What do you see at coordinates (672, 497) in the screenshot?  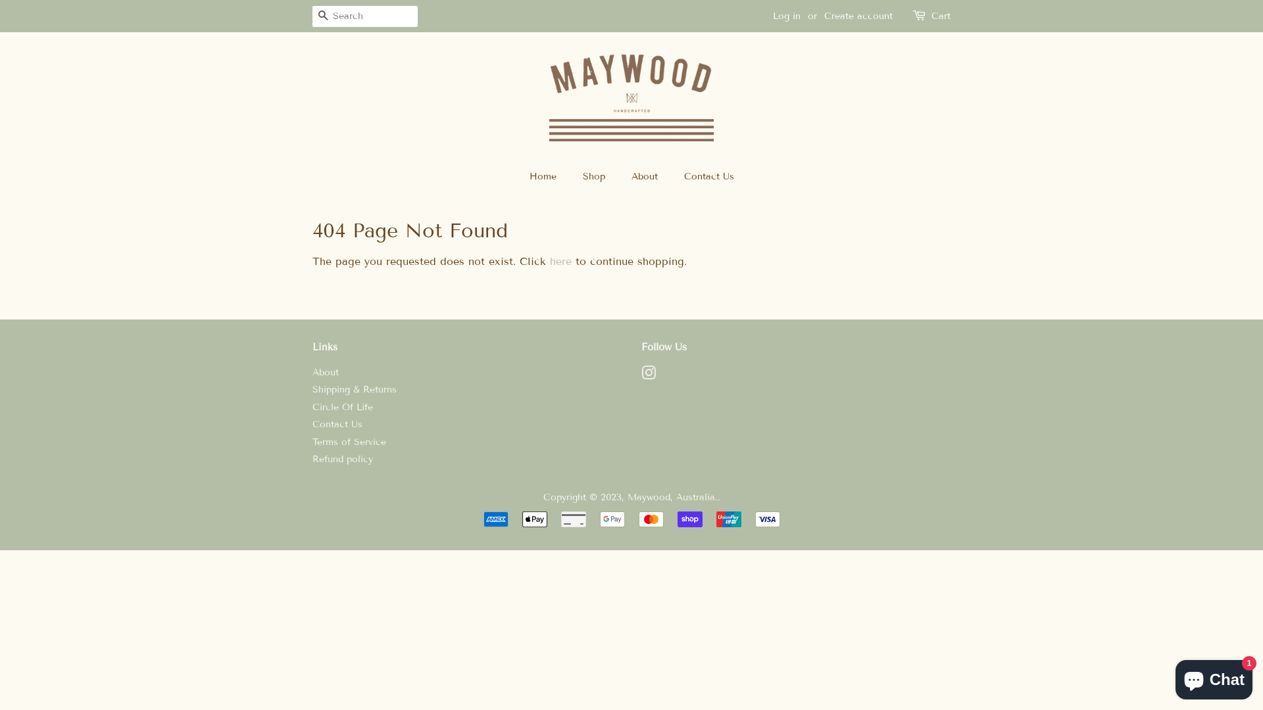 I see `'Maywood, Australia.'` at bounding box center [672, 497].